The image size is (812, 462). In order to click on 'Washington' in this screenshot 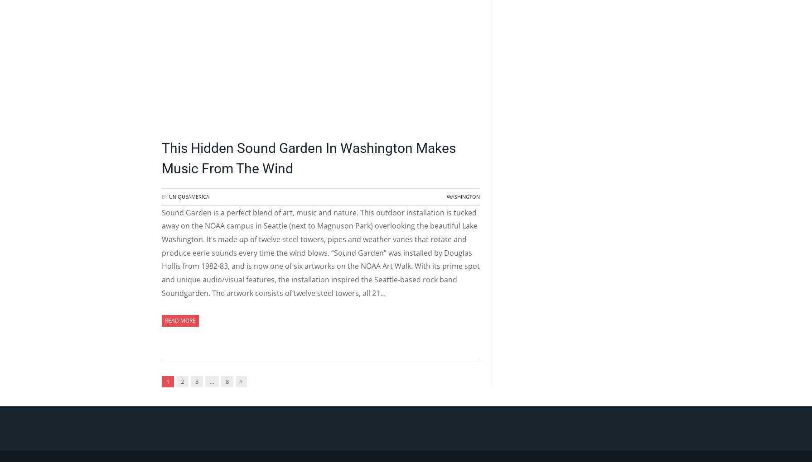, I will do `click(446, 196)`.